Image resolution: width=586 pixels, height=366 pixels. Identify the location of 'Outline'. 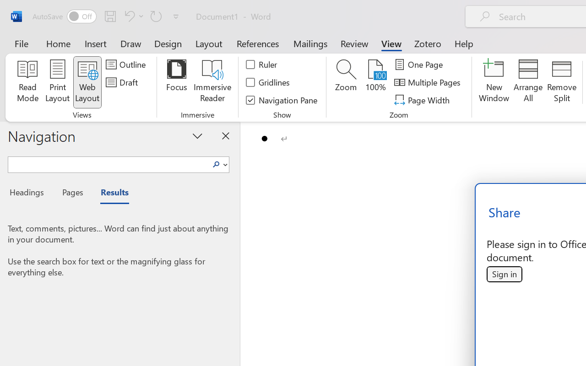
(127, 65).